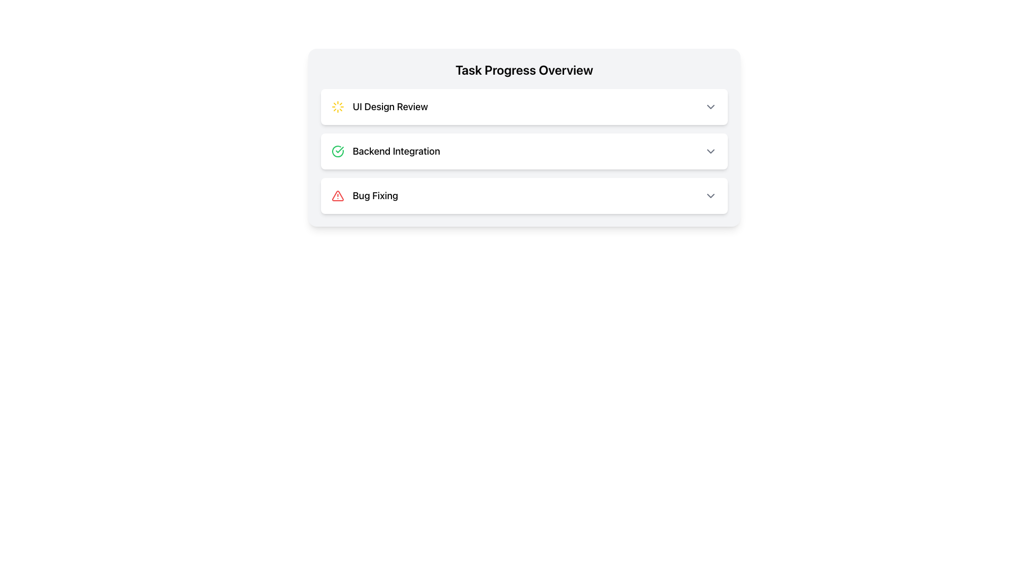 The image size is (1017, 572). Describe the element at coordinates (340, 149) in the screenshot. I see `green checkmark icon indicating a successful task, located in the second list item 'Backend Integration'` at that location.